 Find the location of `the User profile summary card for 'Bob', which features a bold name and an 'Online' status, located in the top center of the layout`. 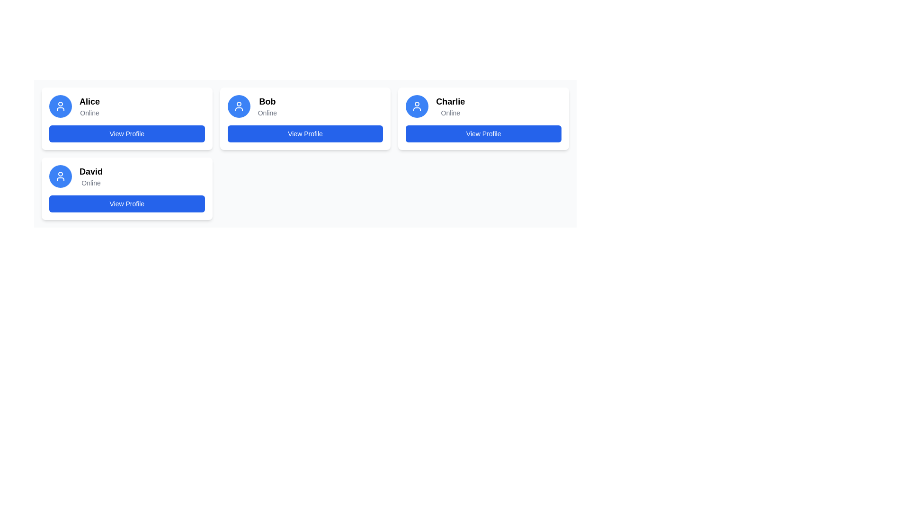

the User profile summary card for 'Bob', which features a bold name and an 'Online' status, located in the top center of the layout is located at coordinates (305, 106).